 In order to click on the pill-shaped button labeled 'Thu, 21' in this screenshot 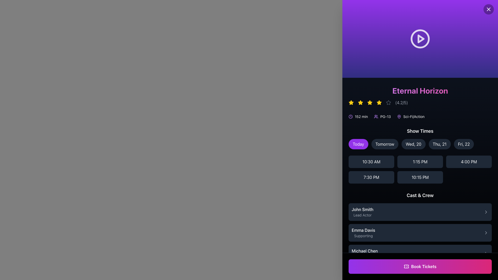, I will do `click(439, 144)`.